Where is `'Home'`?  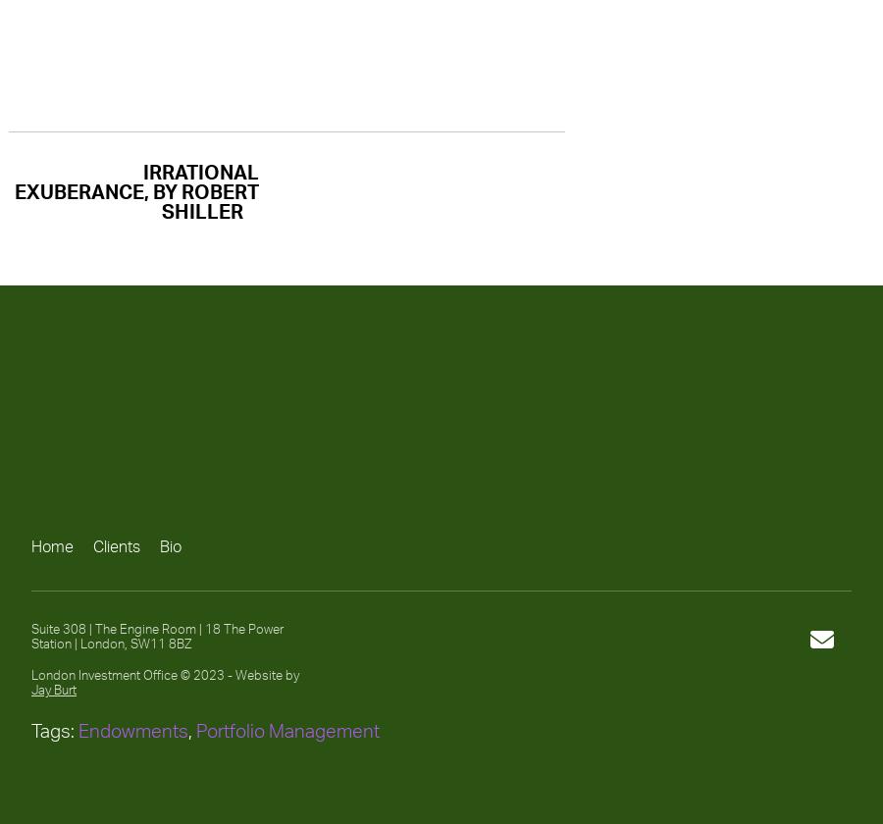
'Home' is located at coordinates (51, 546).